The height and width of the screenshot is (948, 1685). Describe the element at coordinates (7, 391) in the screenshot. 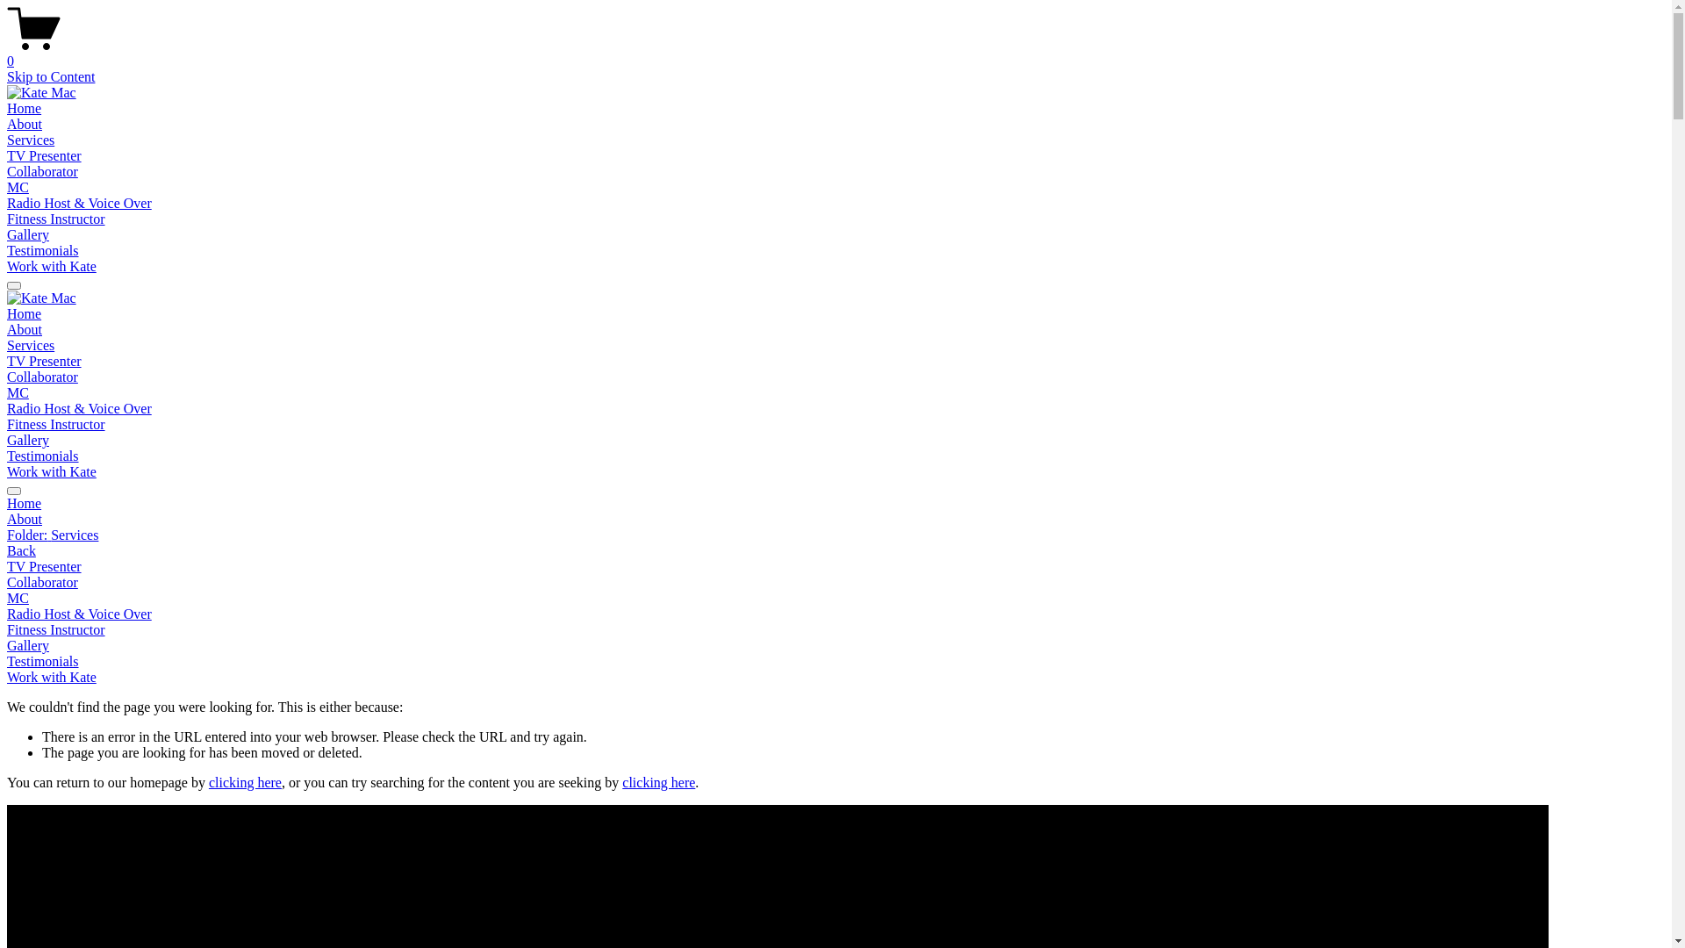

I see `'MC'` at that location.